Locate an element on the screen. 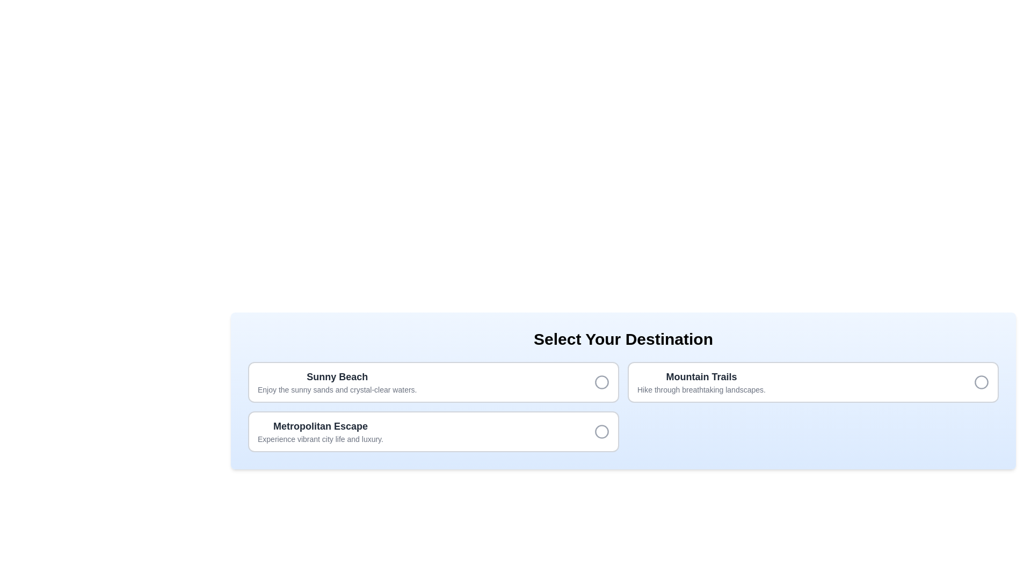  the destination option labeled 'Mountain Trails' by clicking on the bold dark gray text element in the rightmost destination option card is located at coordinates (701, 376).